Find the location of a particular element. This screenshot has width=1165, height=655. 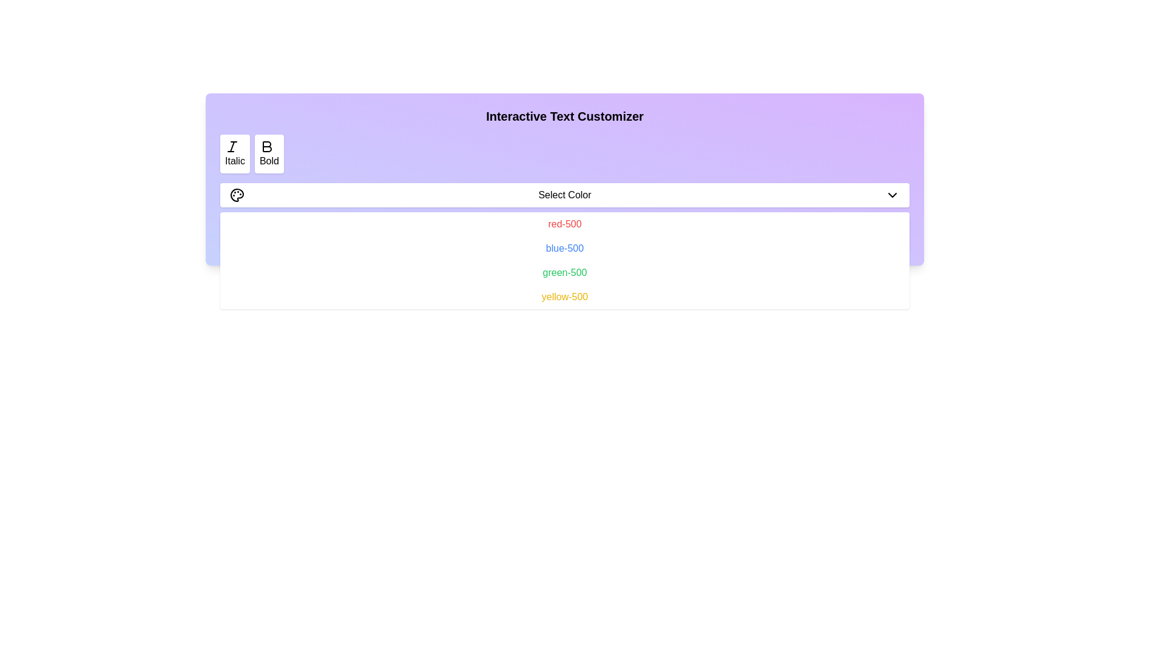

appearance of the Text display box with light gray background and rounded corners, containing the text 'Customize this text using the controls above!', located within the 'Interactive Text Customizer' section is located at coordinates (564, 233).